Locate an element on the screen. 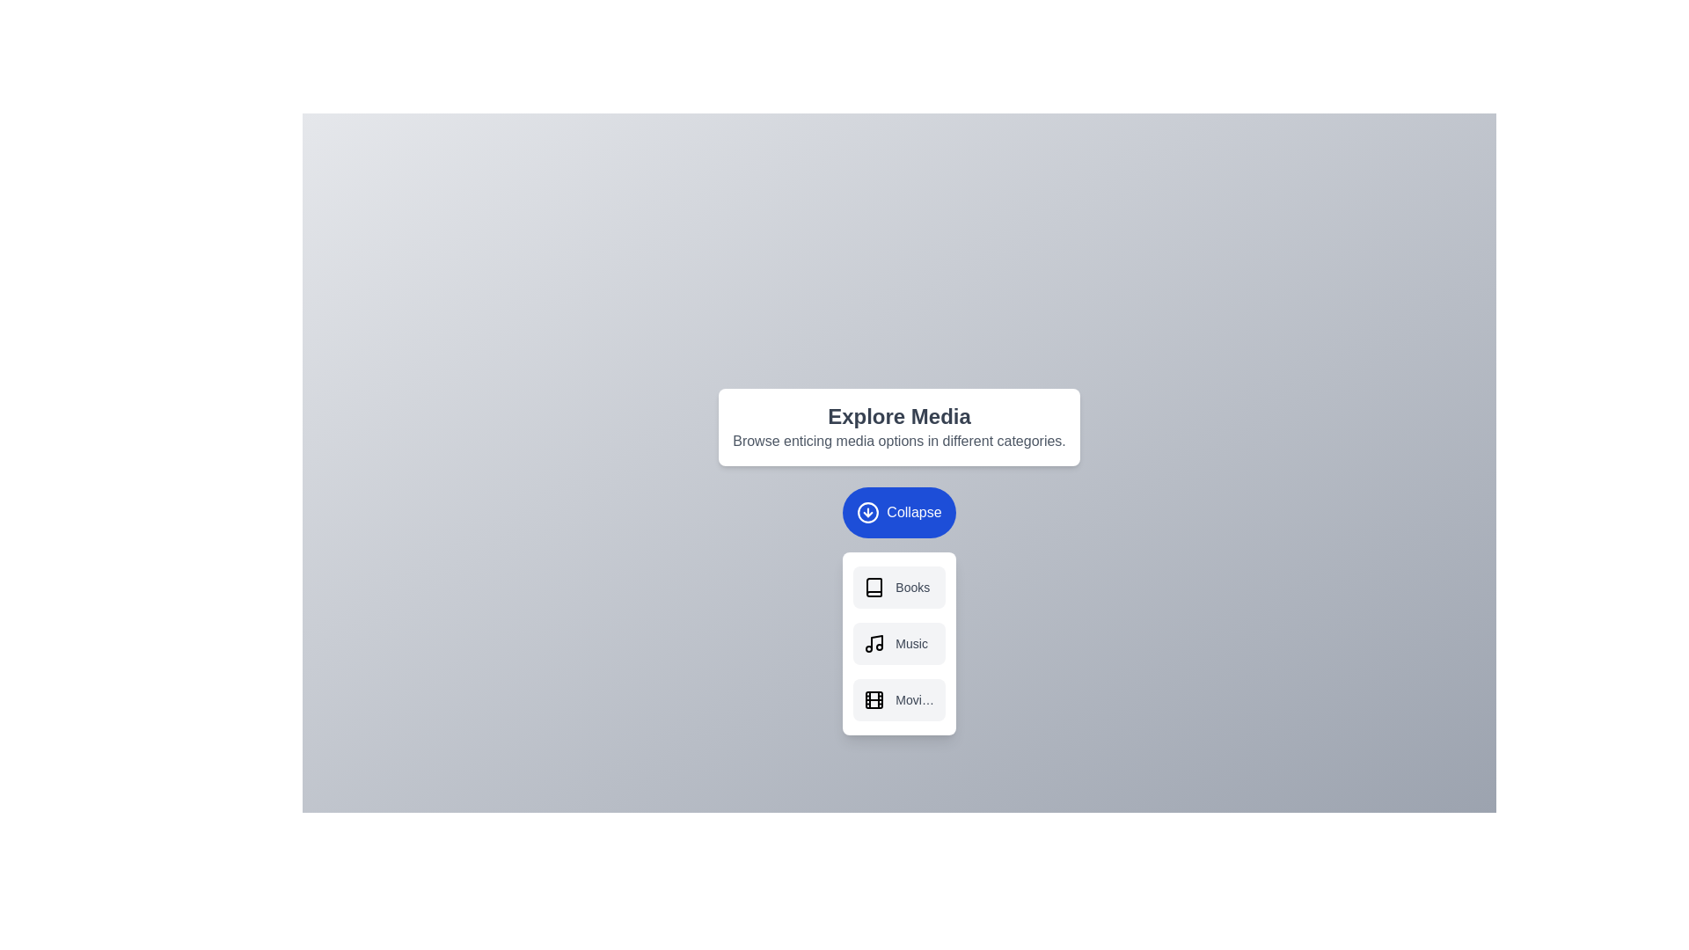 The width and height of the screenshot is (1689, 950). the 'Books' button to select the 'Books' category is located at coordinates (899, 587).